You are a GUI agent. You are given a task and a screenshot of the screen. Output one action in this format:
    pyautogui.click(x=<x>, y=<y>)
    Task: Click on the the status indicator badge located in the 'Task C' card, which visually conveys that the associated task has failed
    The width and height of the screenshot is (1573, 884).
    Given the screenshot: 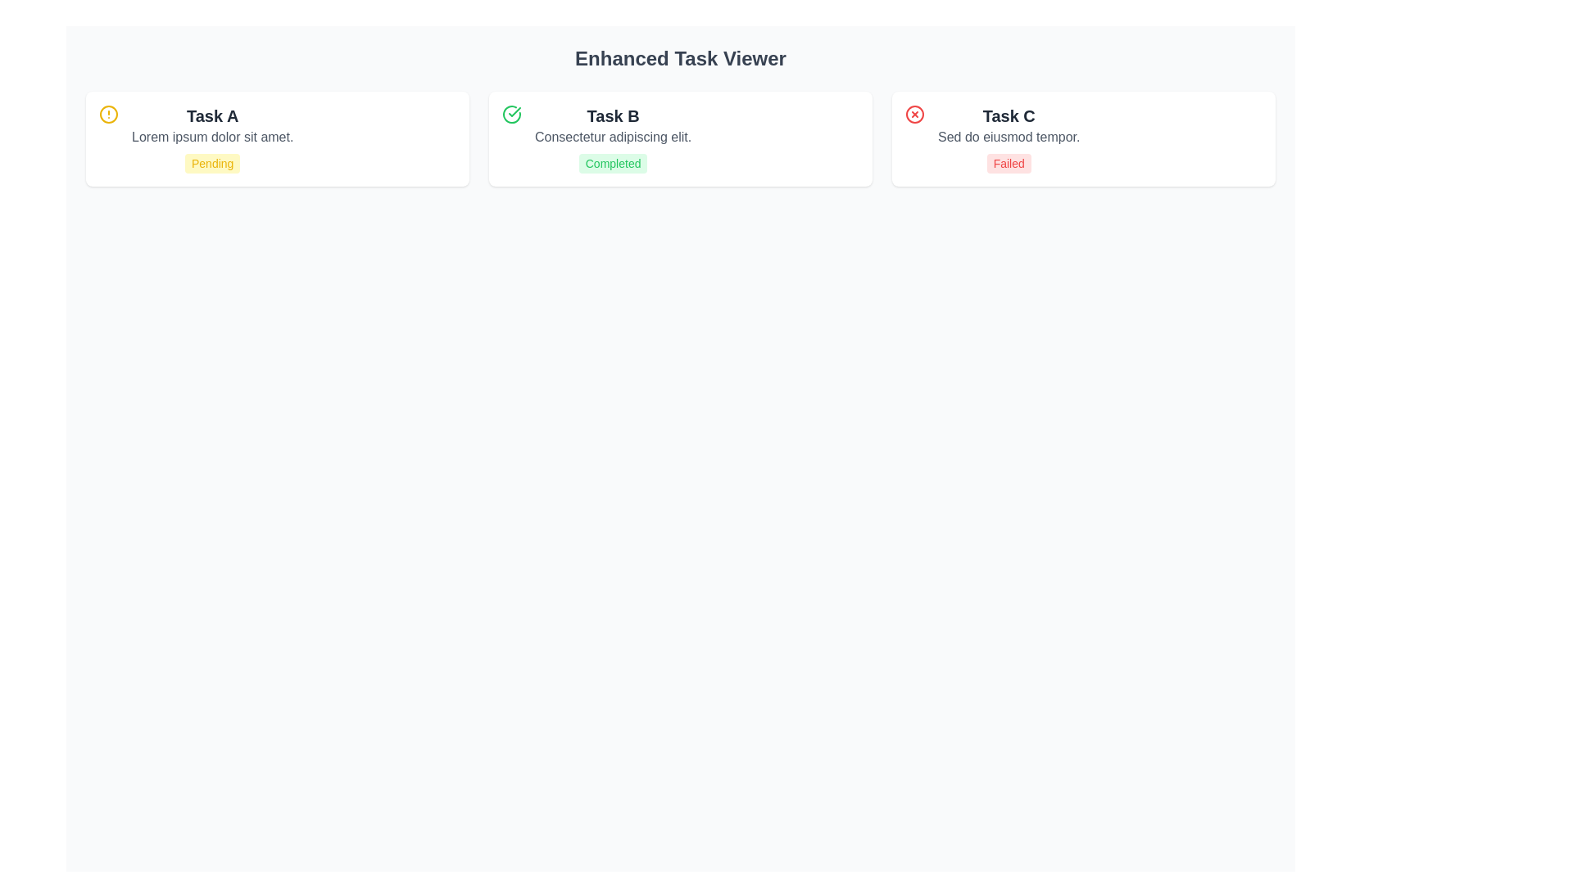 What is the action you would take?
    pyautogui.click(x=1008, y=164)
    